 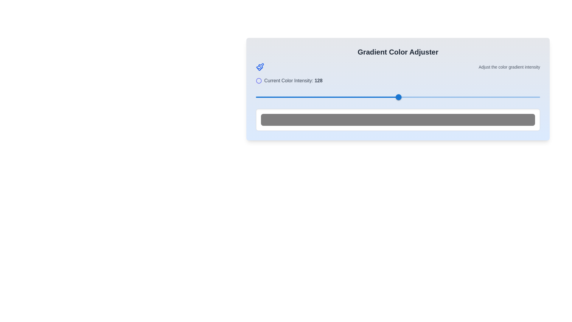 What do you see at coordinates (499, 97) in the screenshot?
I see `the gradient color intensity` at bounding box center [499, 97].